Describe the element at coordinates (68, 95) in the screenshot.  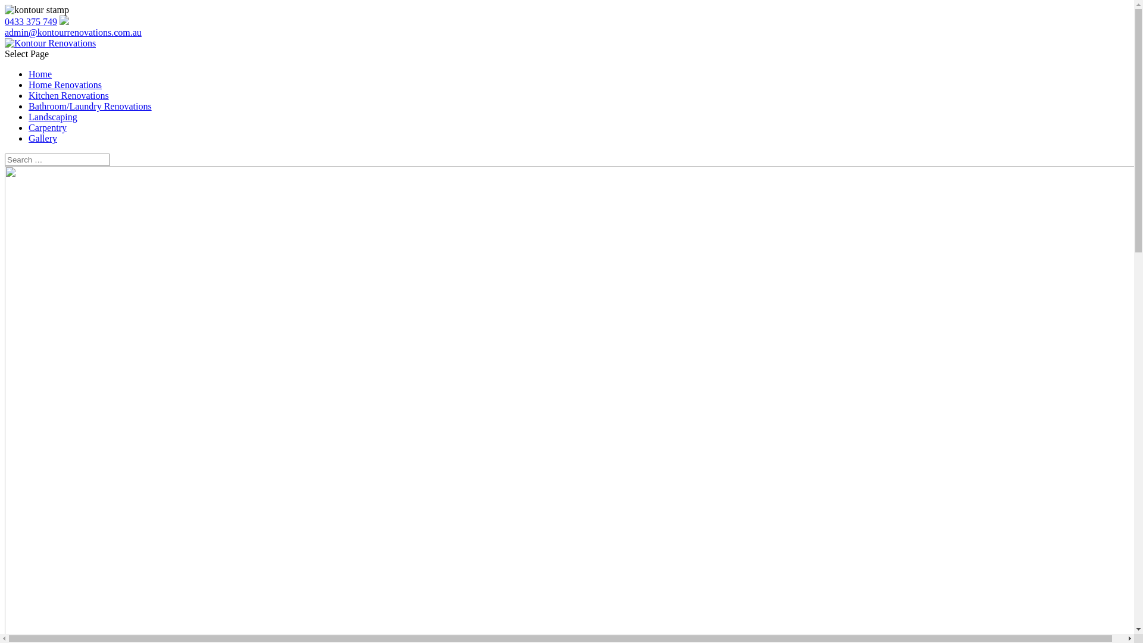
I see `'Kitchen Renovations'` at that location.